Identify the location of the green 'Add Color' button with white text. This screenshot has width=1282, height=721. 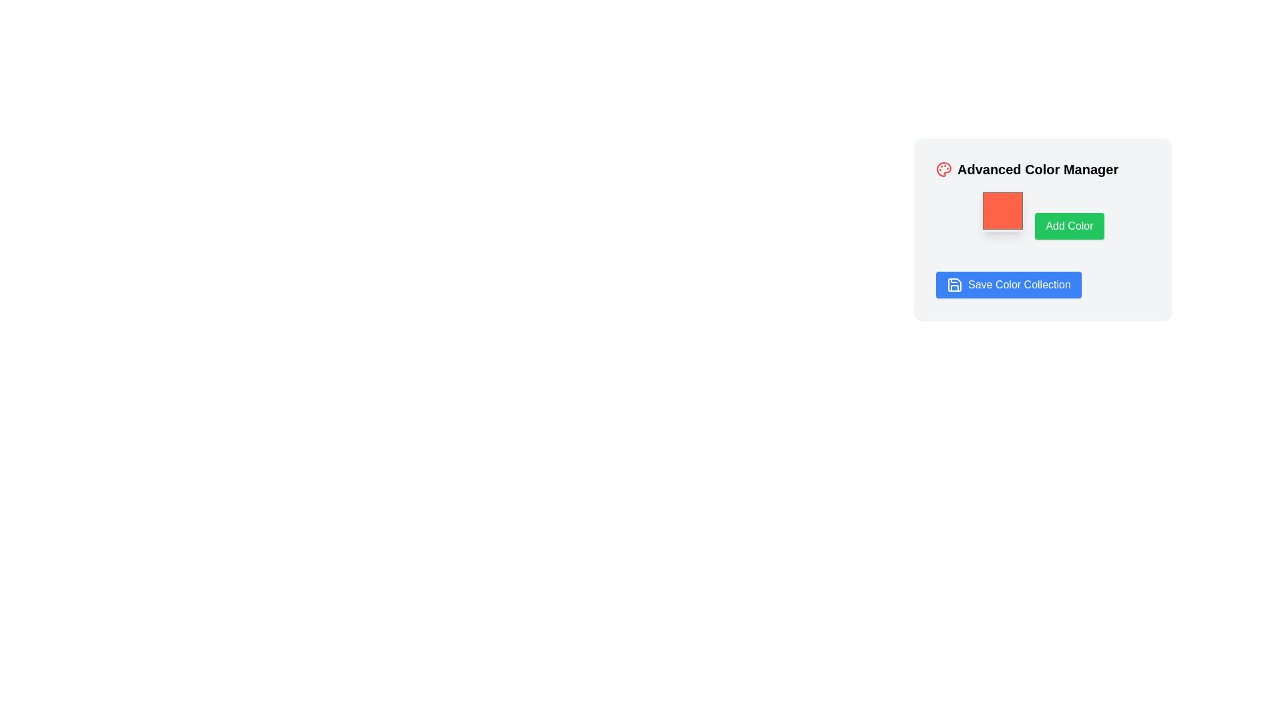
(1042, 214).